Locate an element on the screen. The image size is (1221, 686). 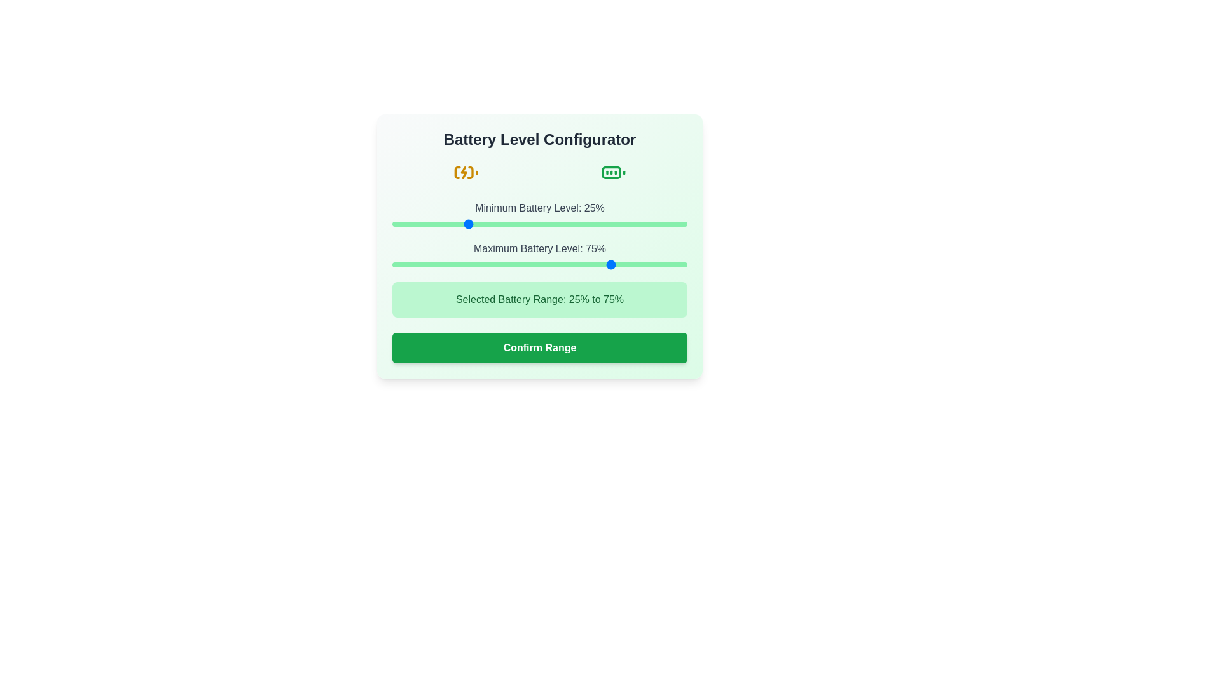
the maximum battery level is located at coordinates (542, 264).